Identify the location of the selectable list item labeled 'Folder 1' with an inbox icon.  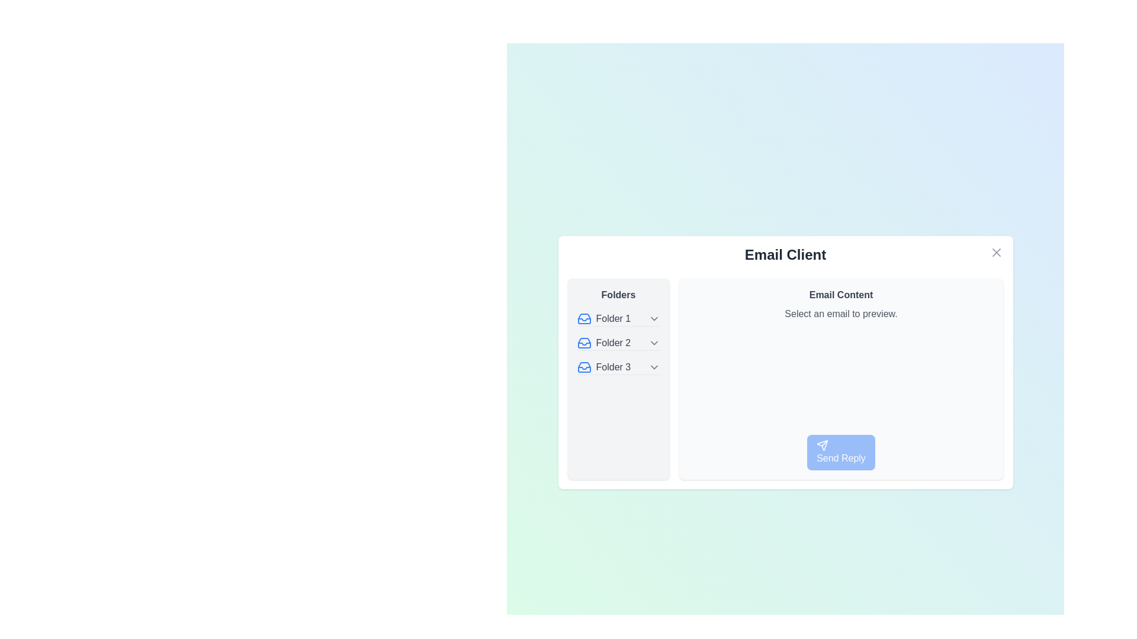
(618, 318).